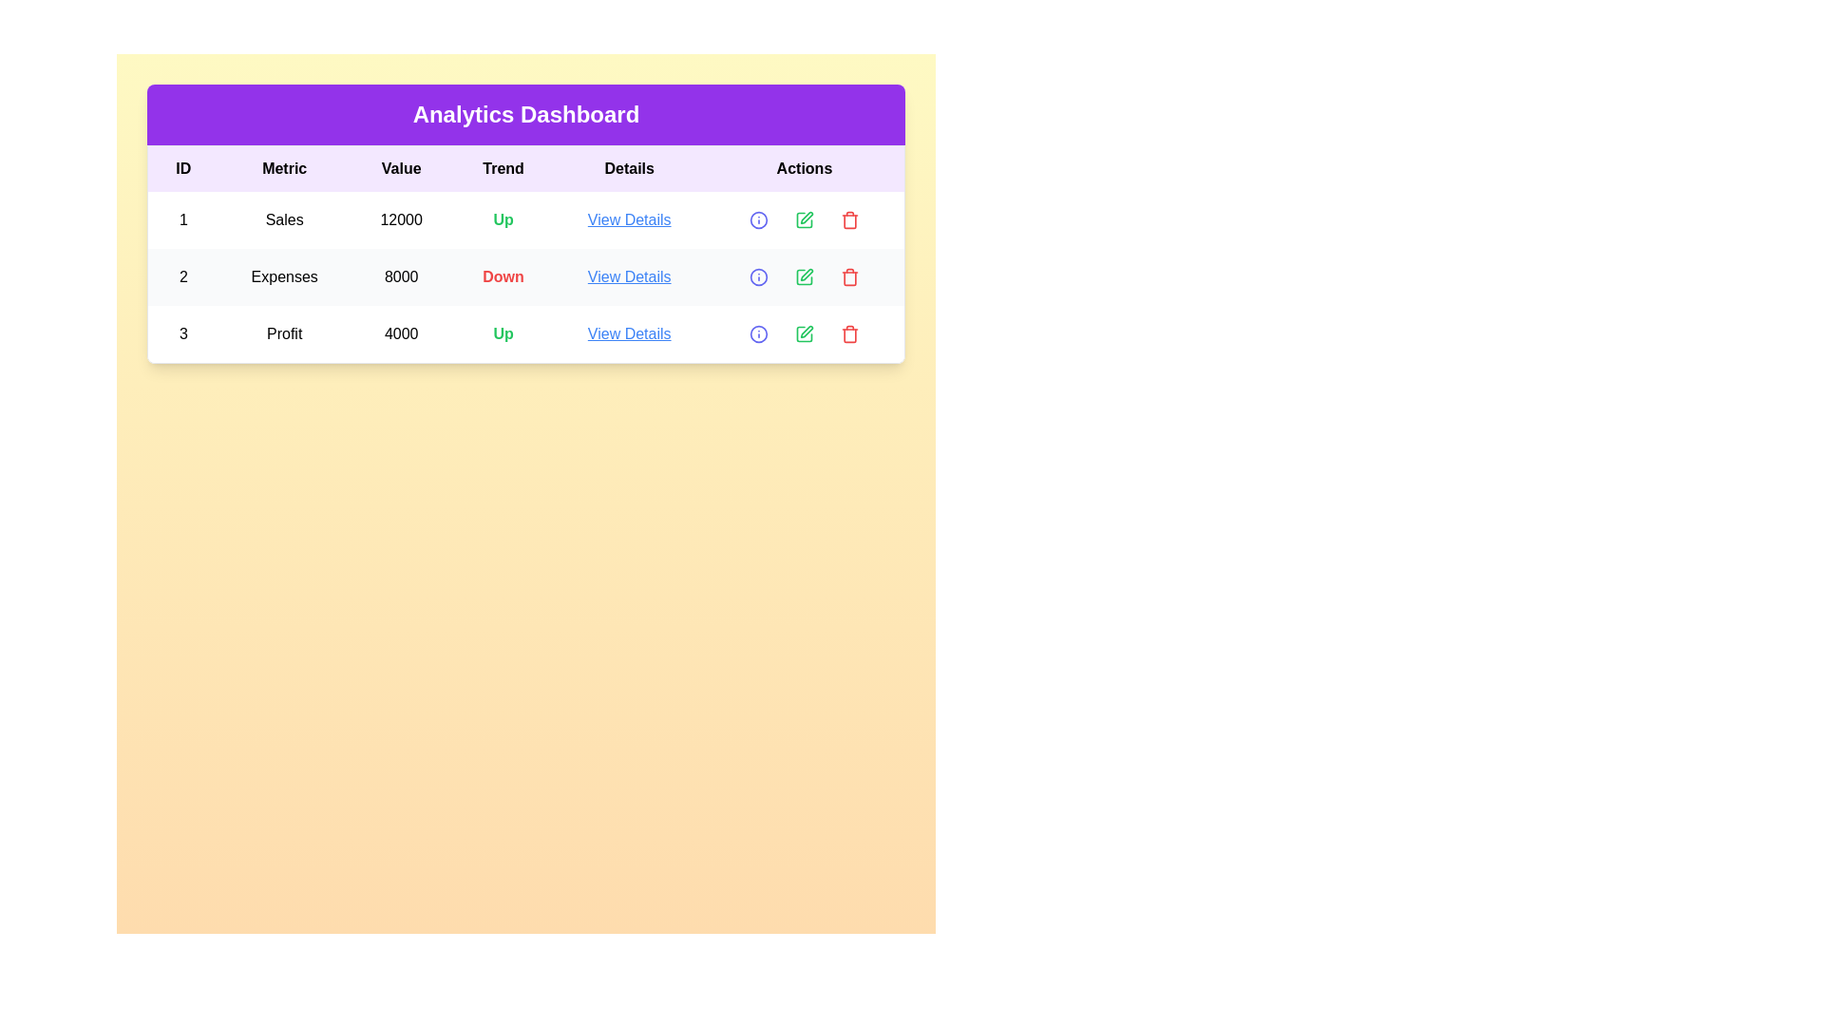 This screenshot has width=1824, height=1026. What do you see at coordinates (757, 277) in the screenshot?
I see `the information icon in the 'Actions' column of the second row under the 'Analytics Dashboard' heading` at bounding box center [757, 277].